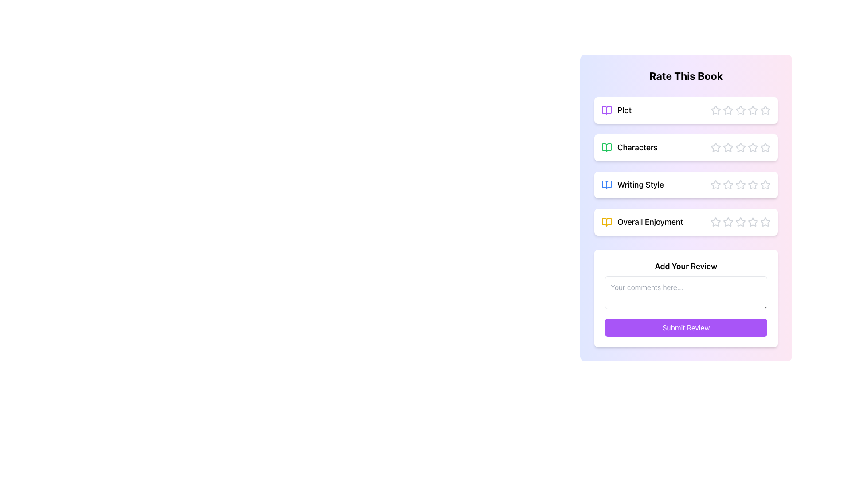  What do you see at coordinates (740, 222) in the screenshot?
I see `the fourth star icon in the rating system` at bounding box center [740, 222].